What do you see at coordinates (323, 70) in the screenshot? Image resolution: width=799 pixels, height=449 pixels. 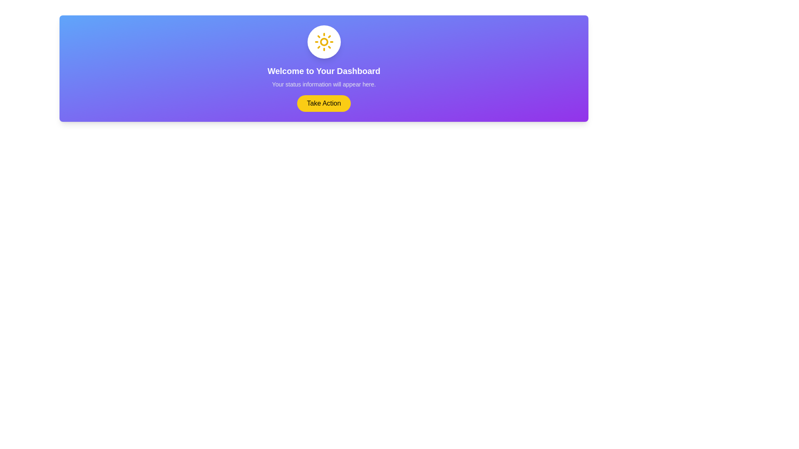 I see `welcome message text located at the top of the dashboard page, which serves as a header and provides context to the user` at bounding box center [323, 70].